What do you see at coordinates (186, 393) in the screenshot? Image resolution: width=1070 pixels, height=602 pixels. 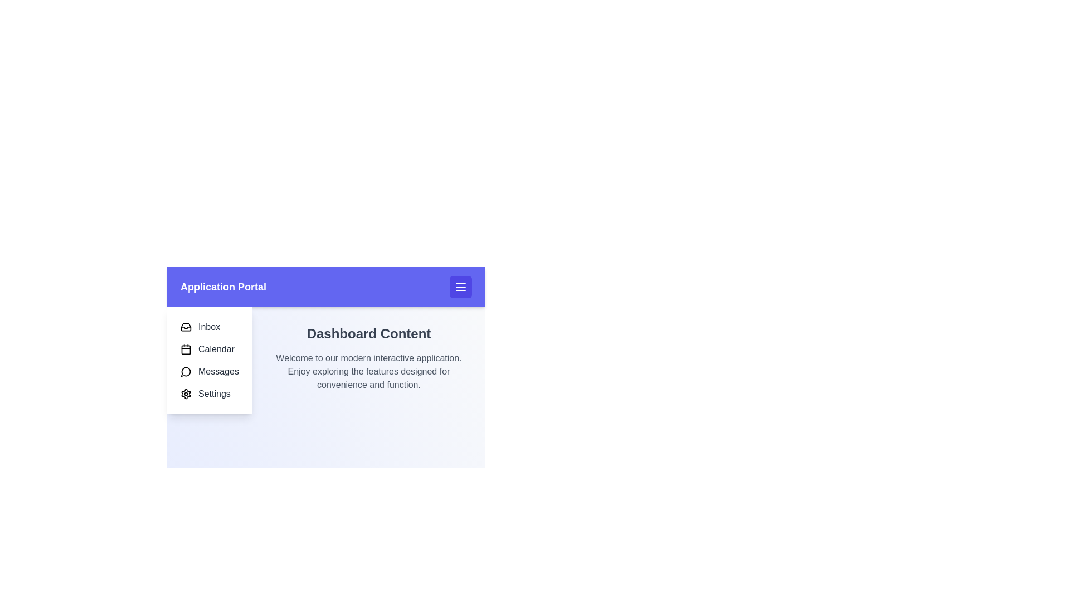 I see `the gear icon located to the left of the 'Settings' text in the vertical menu` at bounding box center [186, 393].